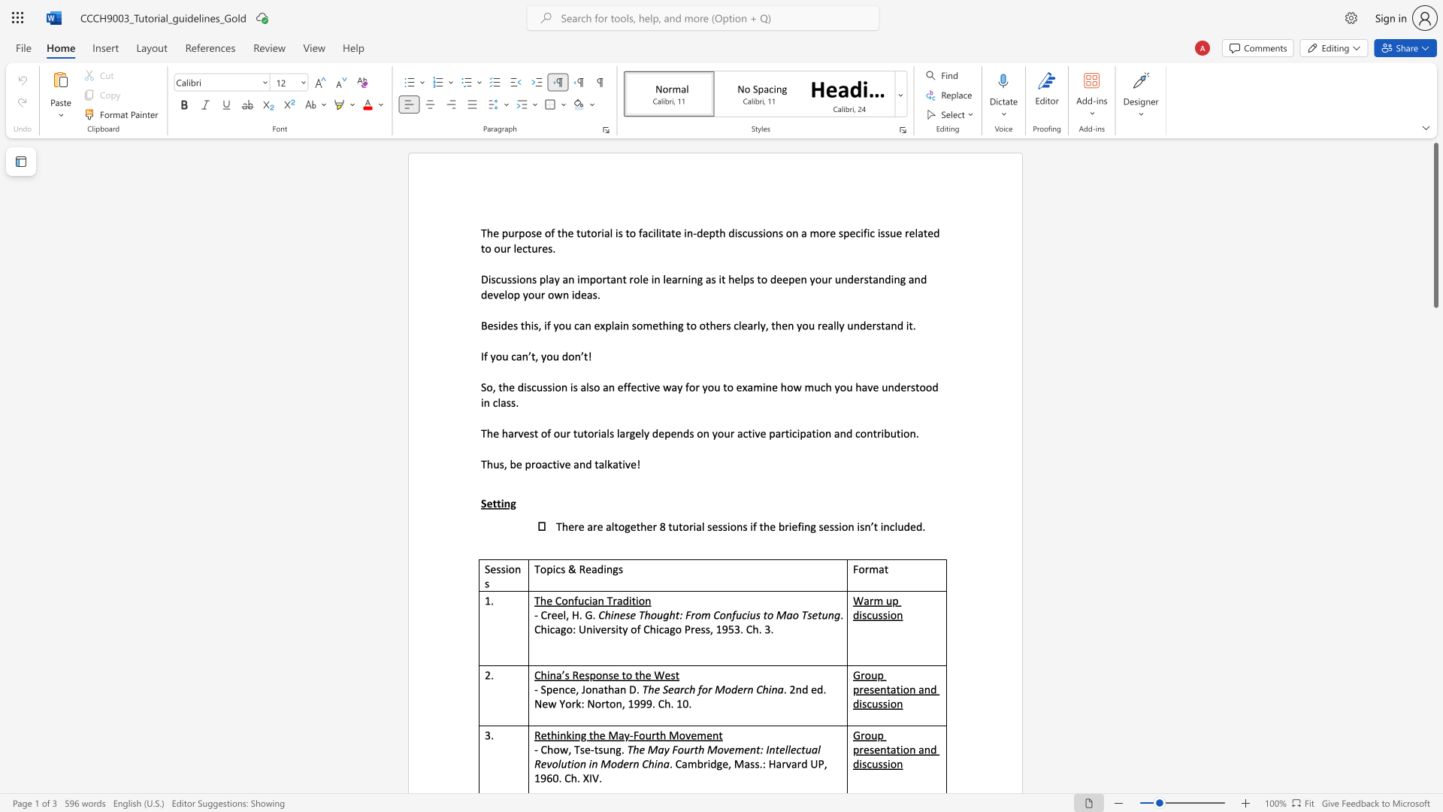  I want to click on the scrollbar on the right to shift the page lower, so click(1435, 353).